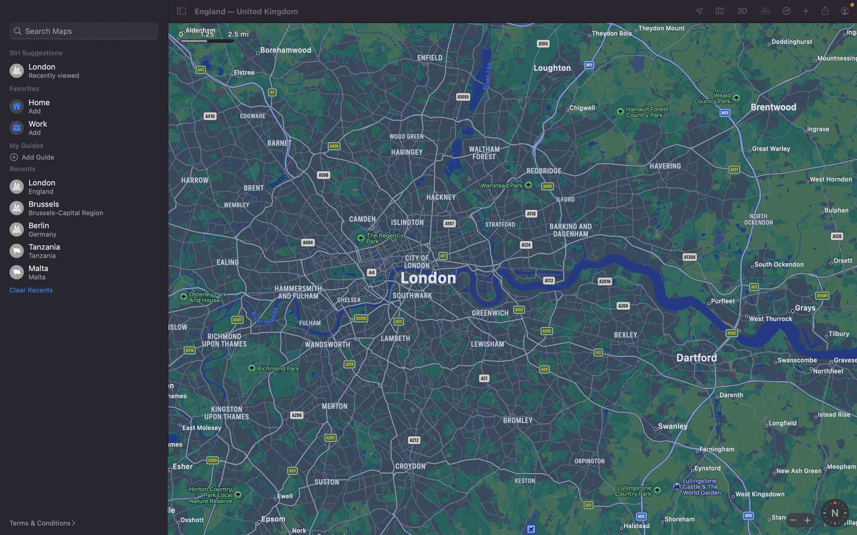  I want to click on Add a new guide for sightseeing, so click(86, 157).